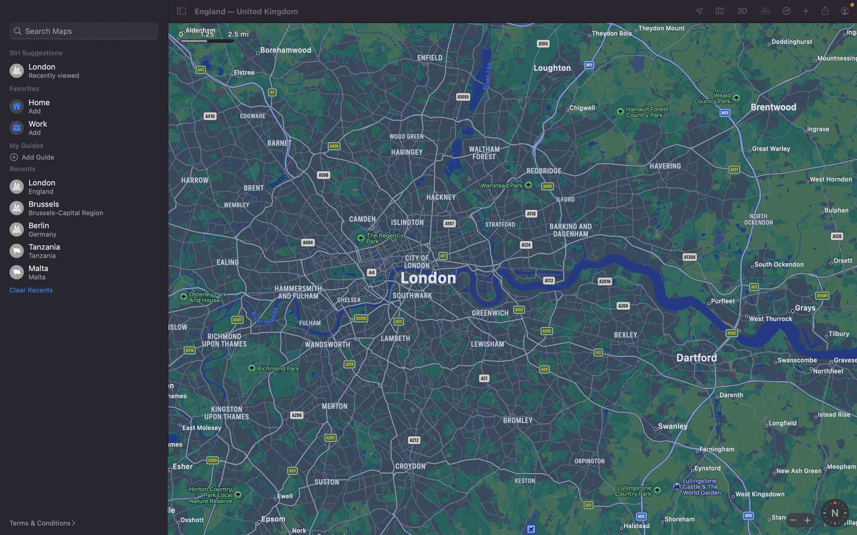  I want to click on Add a new guide for sightseeing, so click(86, 157).